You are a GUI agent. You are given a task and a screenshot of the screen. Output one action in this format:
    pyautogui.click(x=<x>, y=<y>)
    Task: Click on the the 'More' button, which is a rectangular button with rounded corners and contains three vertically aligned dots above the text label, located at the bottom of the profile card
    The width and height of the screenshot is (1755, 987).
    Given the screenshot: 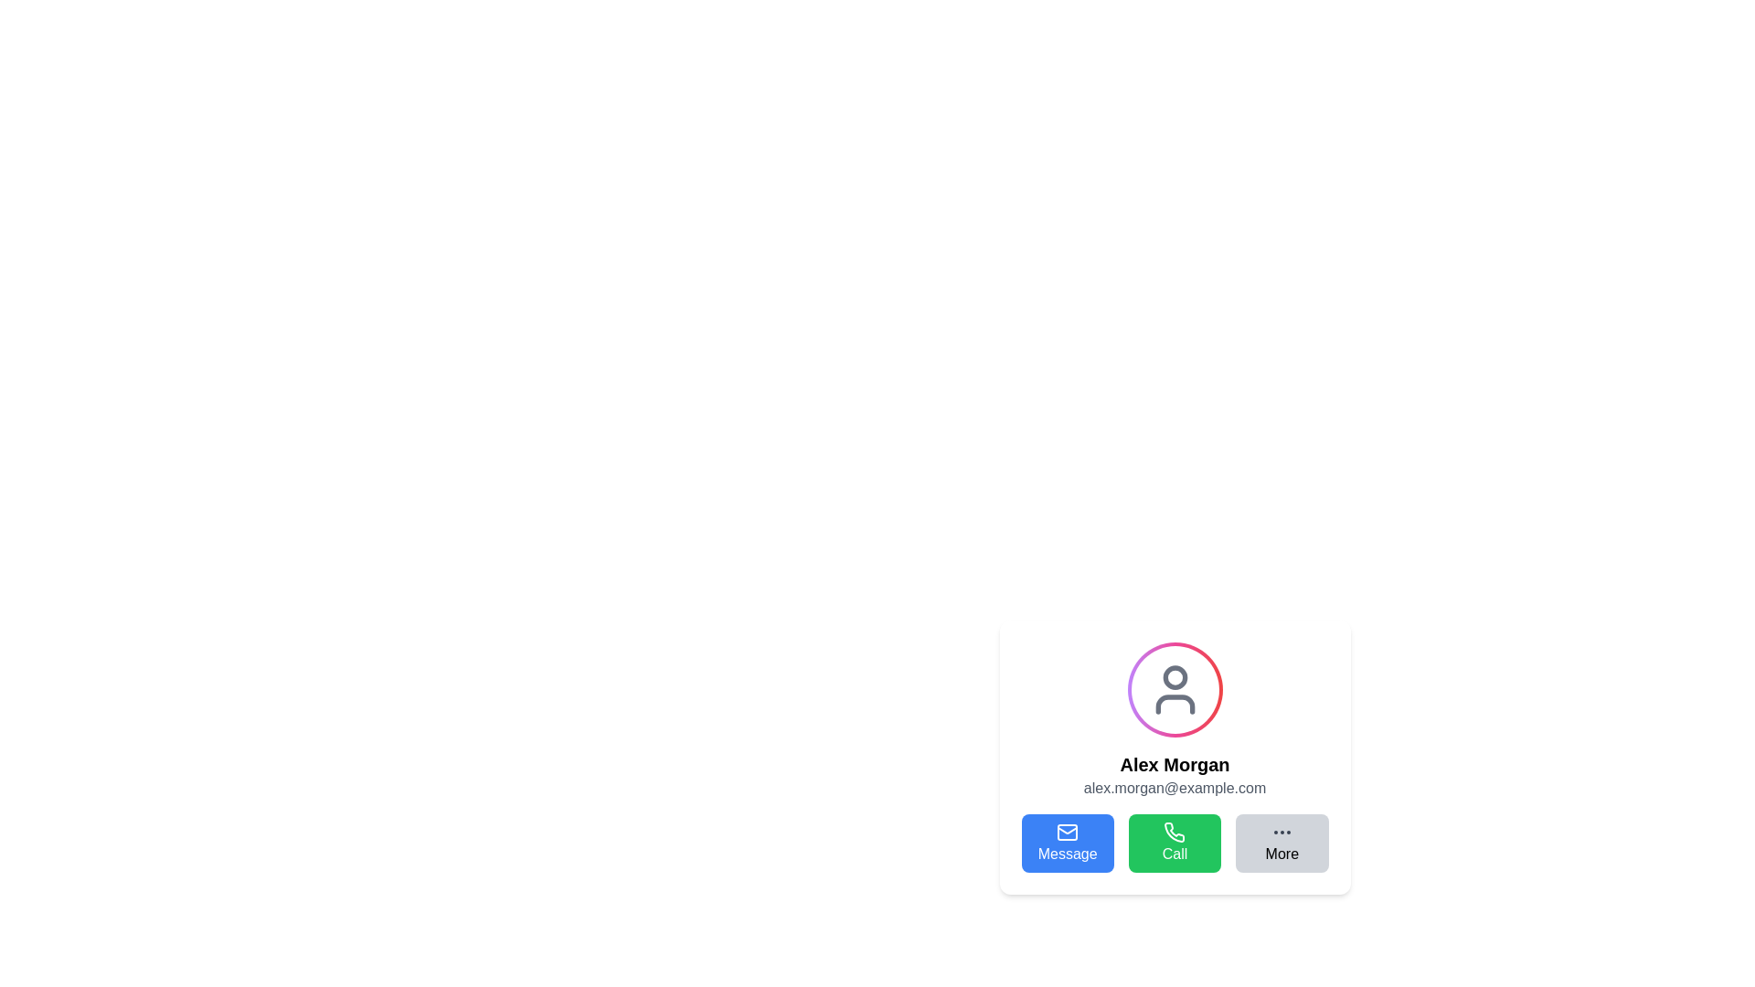 What is the action you would take?
    pyautogui.click(x=1281, y=843)
    